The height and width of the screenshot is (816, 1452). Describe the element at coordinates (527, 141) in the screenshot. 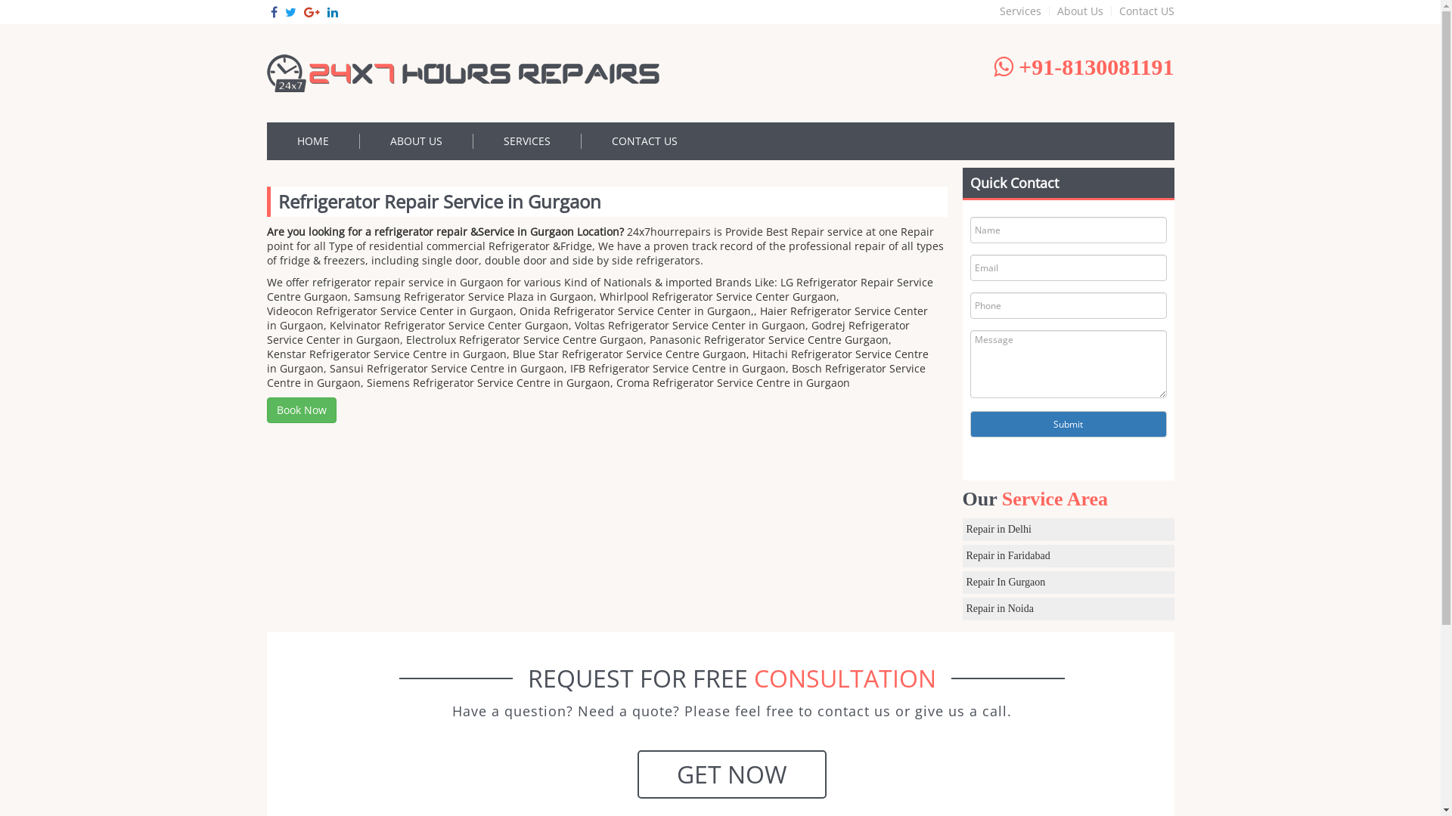

I see `'SERVICES'` at that location.